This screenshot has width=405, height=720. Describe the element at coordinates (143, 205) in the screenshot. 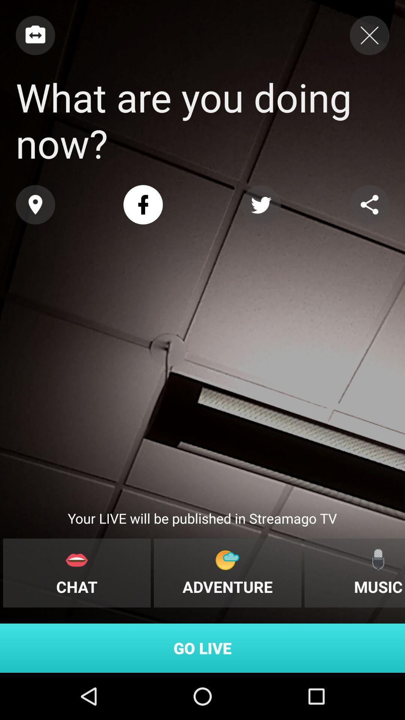

I see `the facebook icon` at that location.